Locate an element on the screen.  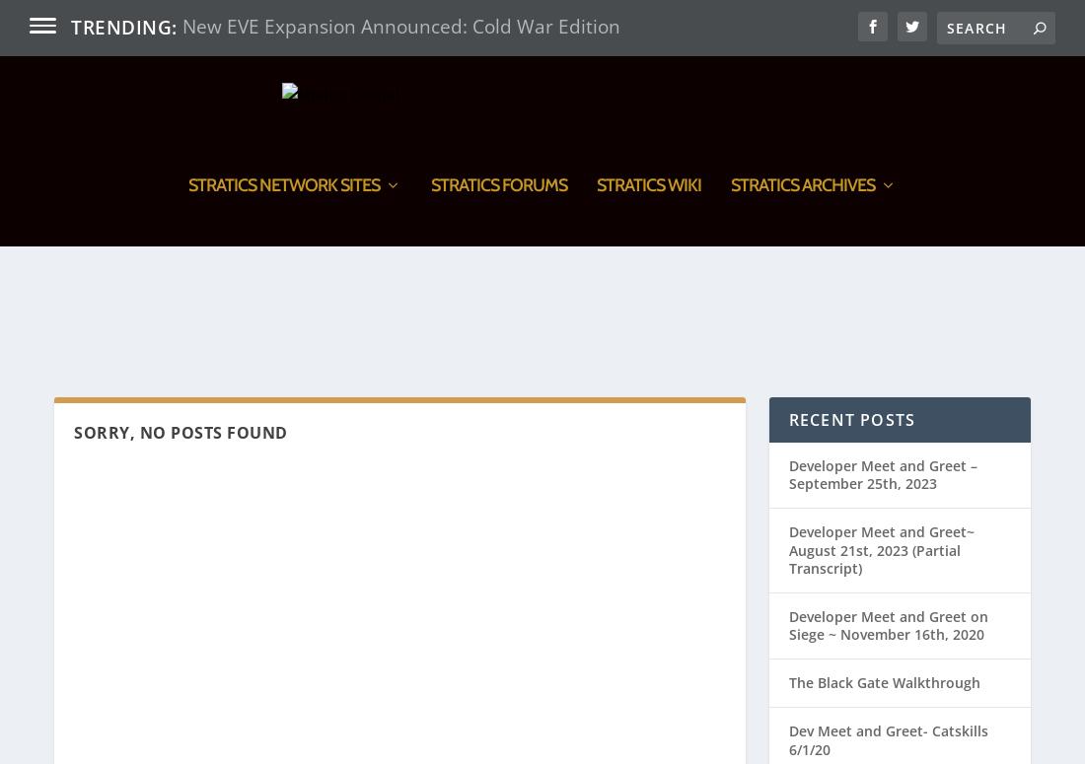
'TRENDING:' is located at coordinates (123, 27).